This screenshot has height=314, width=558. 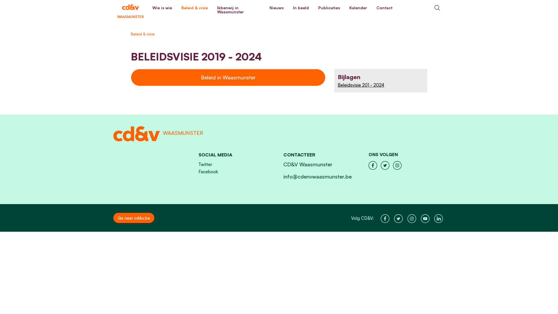 What do you see at coordinates (238, 10) in the screenshot?
I see `'Ikbenwij in Waasmunster'` at bounding box center [238, 10].